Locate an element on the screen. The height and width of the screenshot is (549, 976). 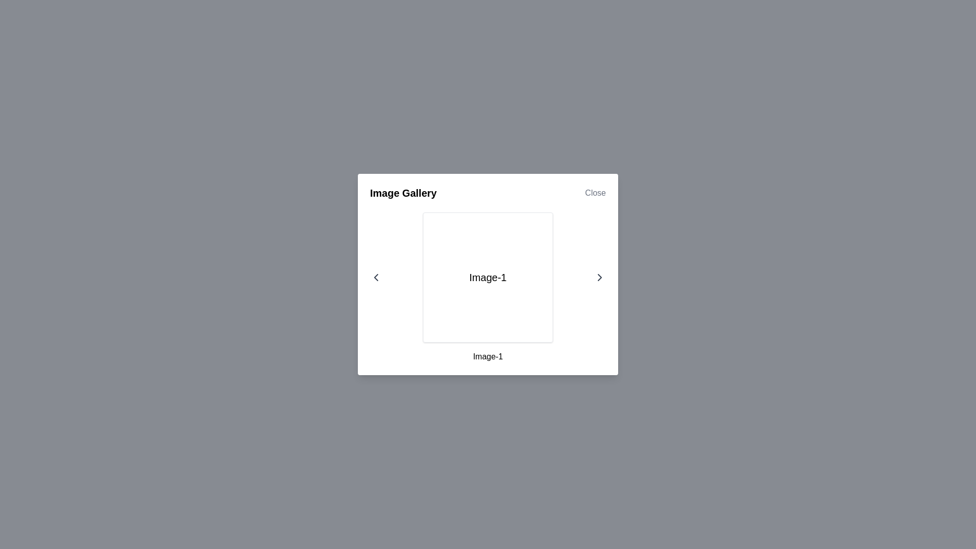
the left arrow button to navigate to the previous image in the gallery is located at coordinates (375, 278).